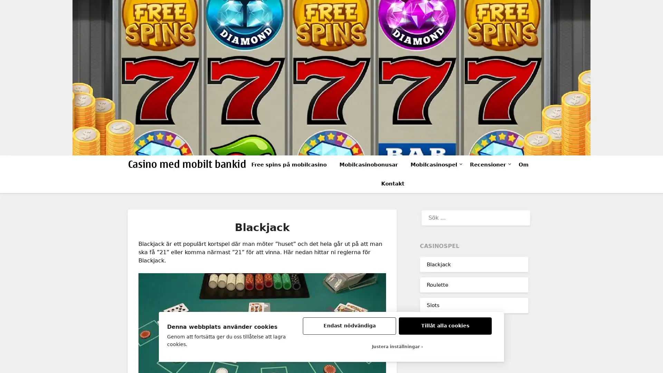  I want to click on Tillat alla cookies, so click(445, 326).